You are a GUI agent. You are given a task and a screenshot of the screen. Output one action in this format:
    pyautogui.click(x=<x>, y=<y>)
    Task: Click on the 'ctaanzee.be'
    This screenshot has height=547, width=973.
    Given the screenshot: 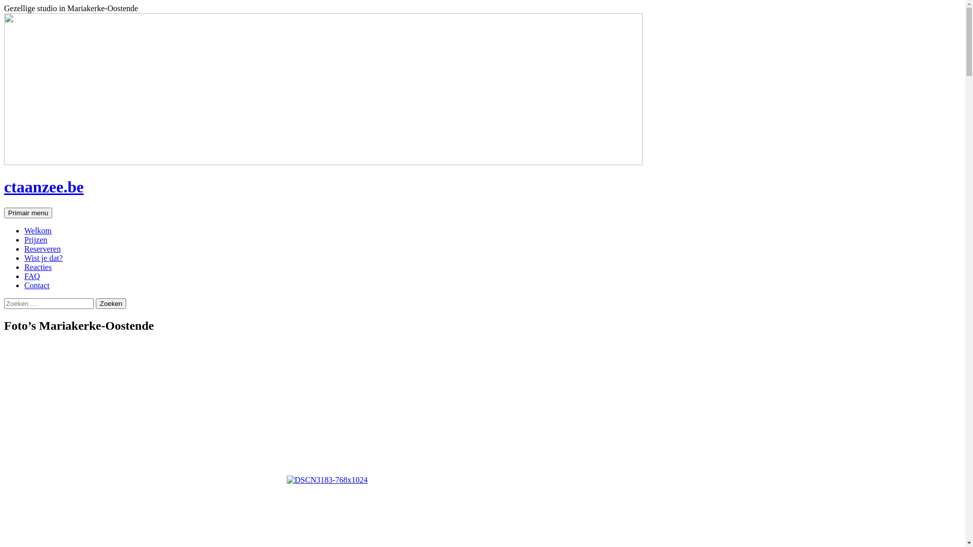 What is the action you would take?
    pyautogui.click(x=43, y=187)
    